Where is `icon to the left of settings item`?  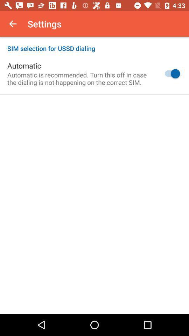 icon to the left of settings item is located at coordinates (13, 24).